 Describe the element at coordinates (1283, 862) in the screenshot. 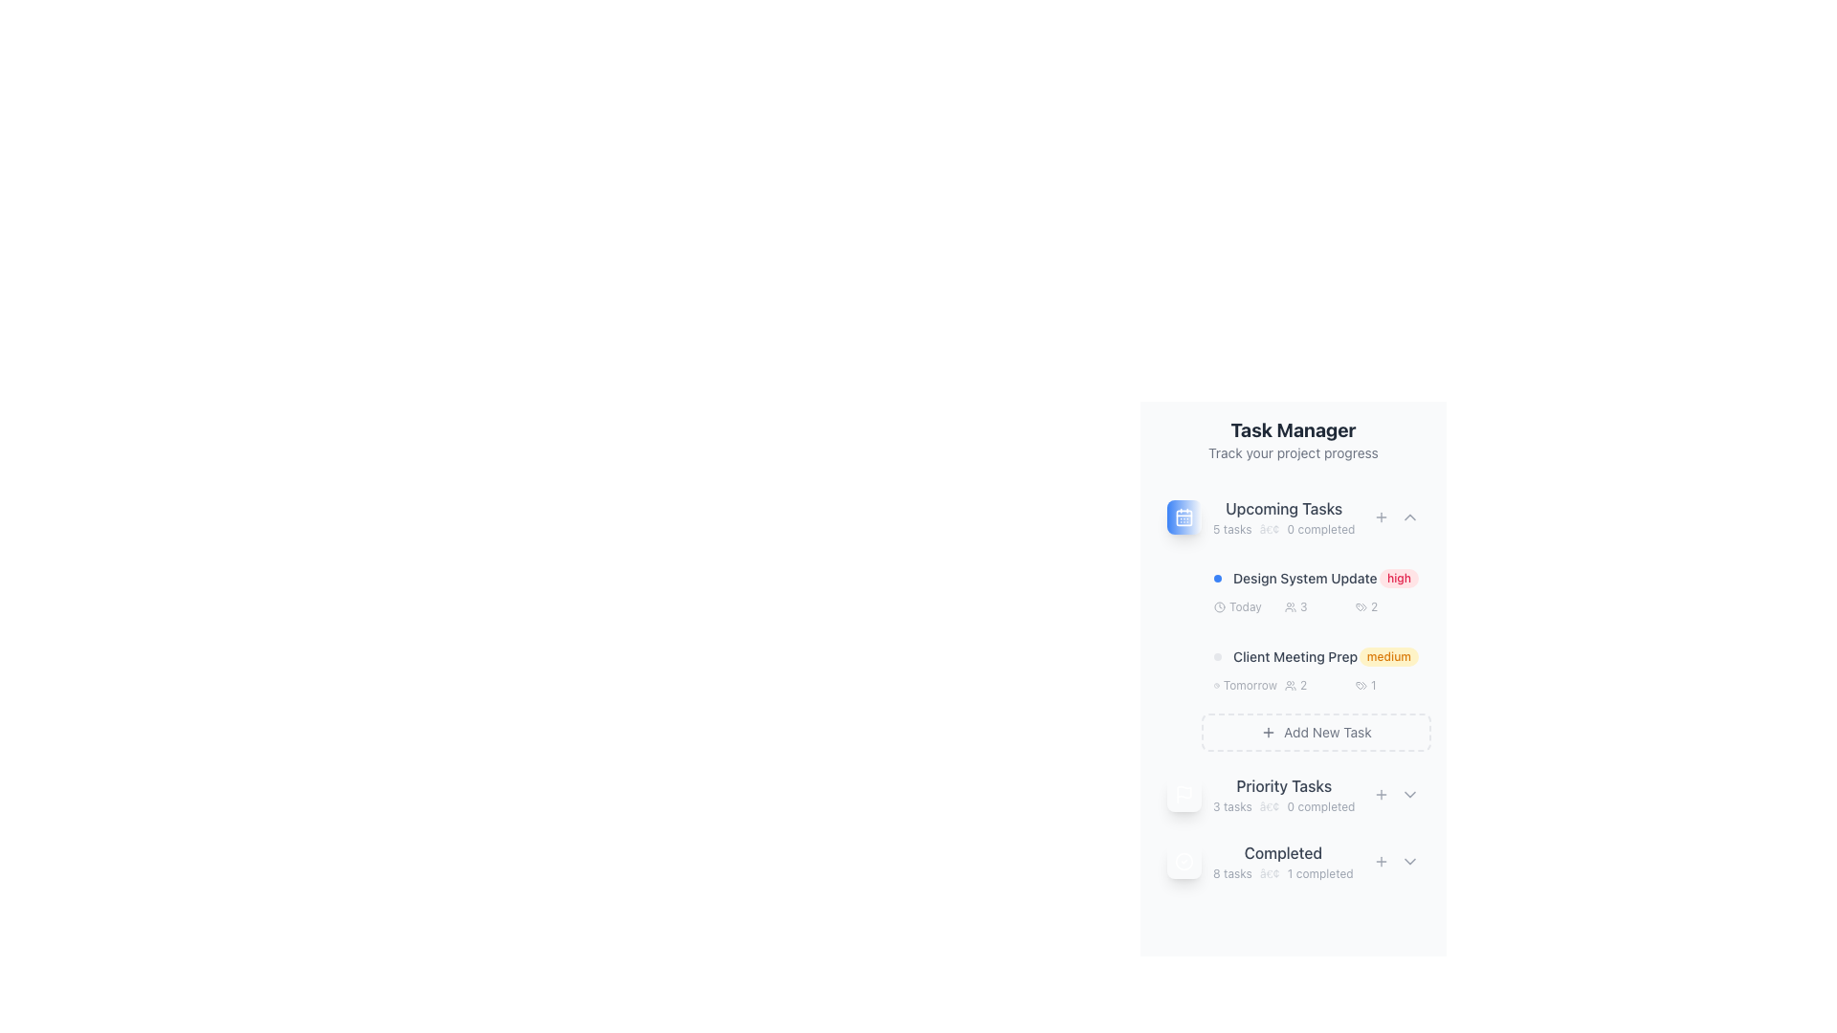

I see `the 'Completed' text label that displays '8 tasks • 1 completed', located in the lower section of the task panel, underneath 'Priority Tasks'` at that location.